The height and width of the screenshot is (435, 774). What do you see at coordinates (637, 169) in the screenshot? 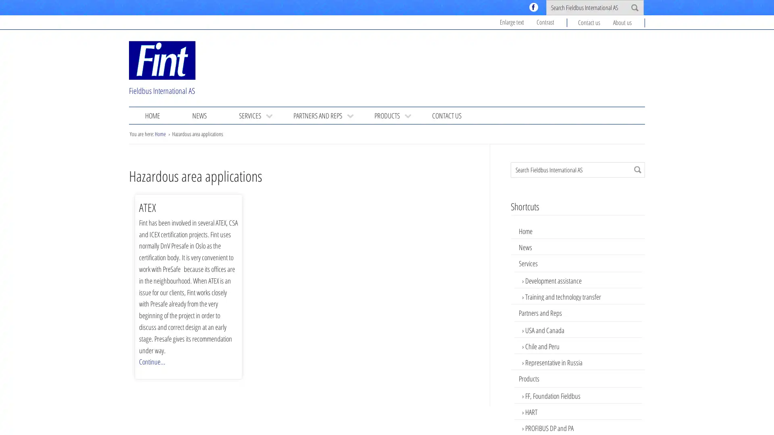
I see `Search` at bounding box center [637, 169].